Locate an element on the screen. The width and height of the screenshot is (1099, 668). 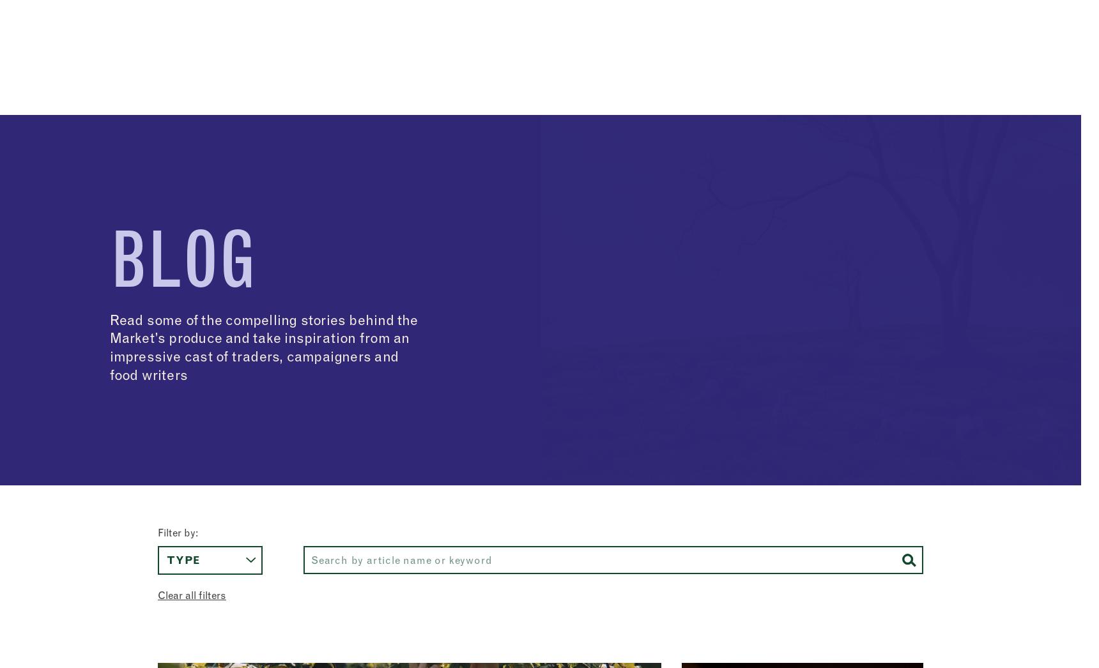
'Sign up to newsletter' is located at coordinates (131, 13).